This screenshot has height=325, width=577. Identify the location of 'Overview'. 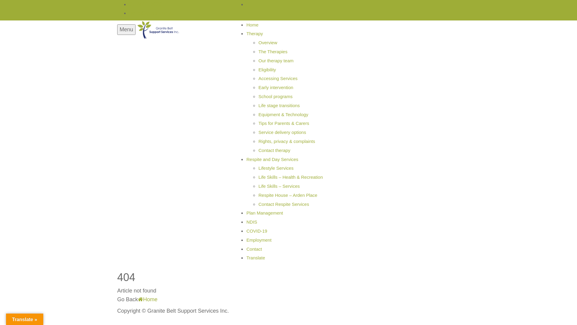
(267, 42).